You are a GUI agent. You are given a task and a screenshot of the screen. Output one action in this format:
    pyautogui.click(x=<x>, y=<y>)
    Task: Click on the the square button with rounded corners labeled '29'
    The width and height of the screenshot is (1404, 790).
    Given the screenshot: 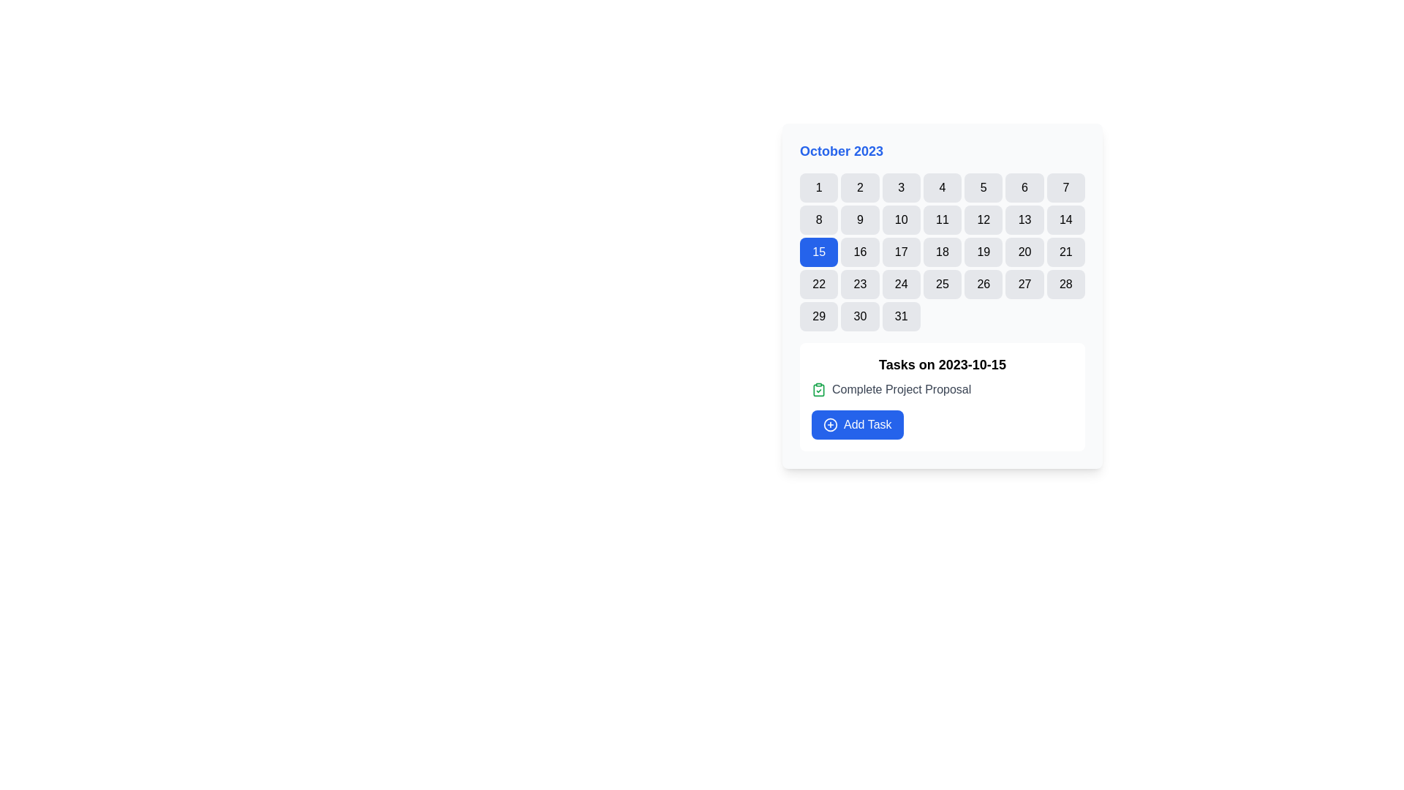 What is the action you would take?
    pyautogui.click(x=818, y=315)
    